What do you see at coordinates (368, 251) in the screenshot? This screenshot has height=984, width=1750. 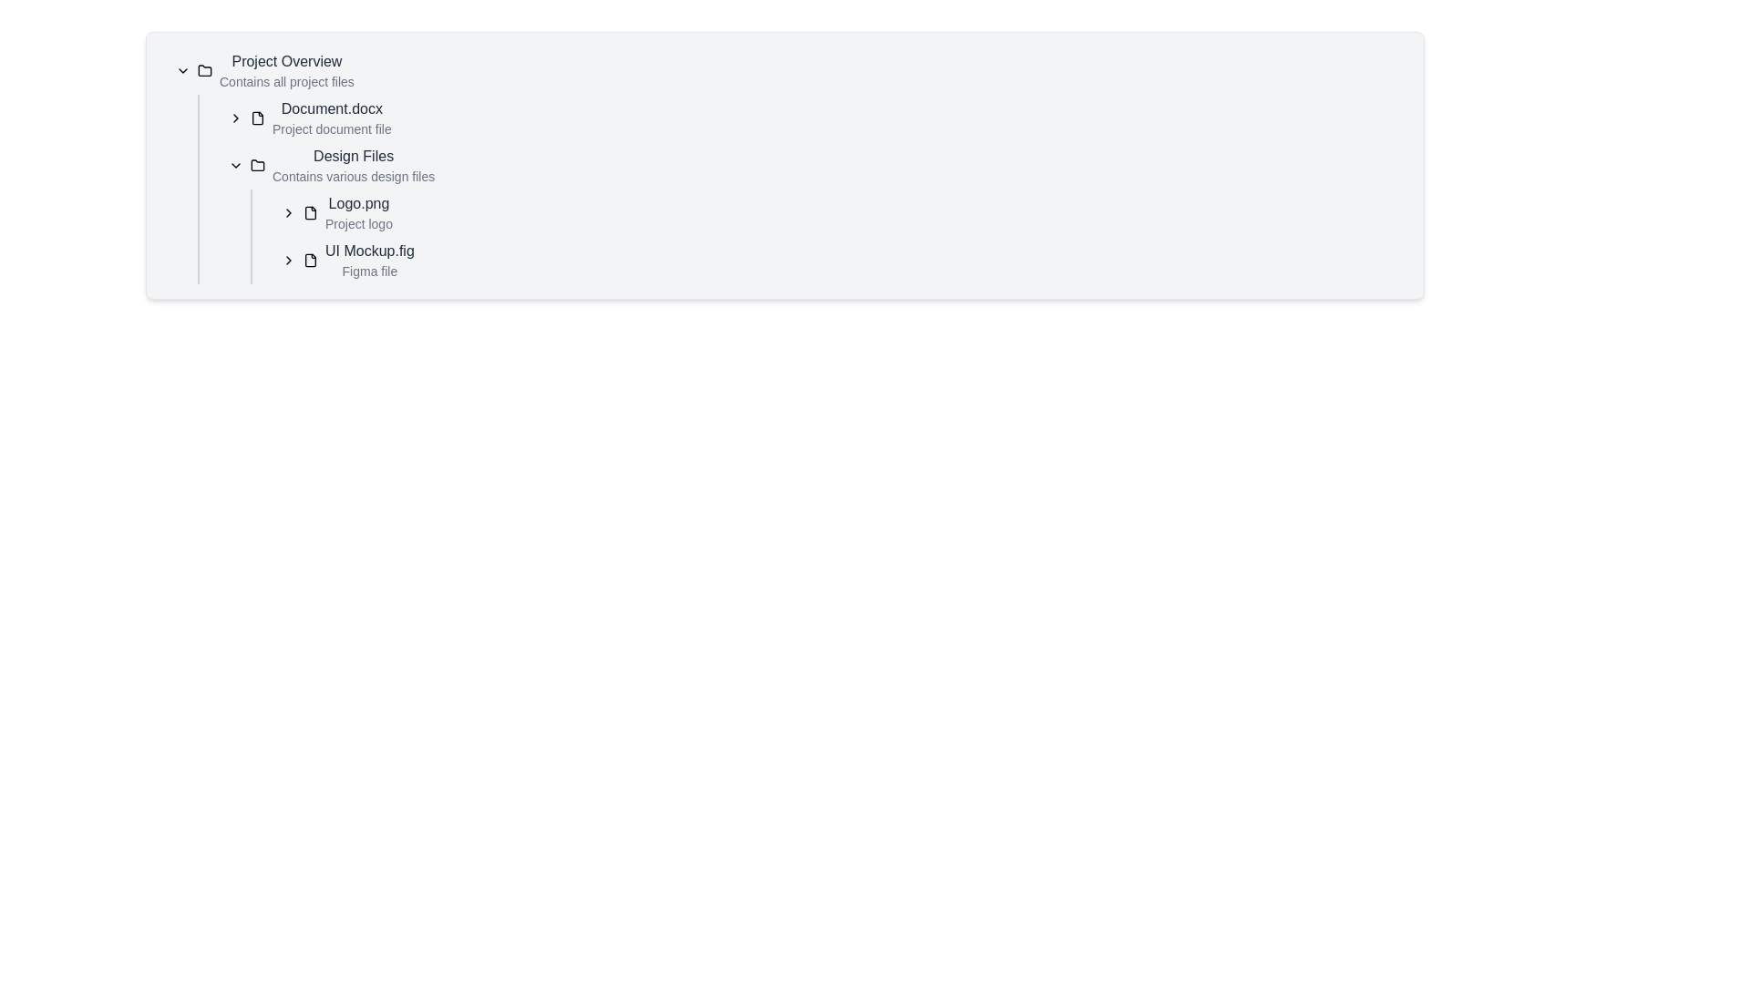 I see `the text label displaying the file name 'UI Mockup.fig'` at bounding box center [368, 251].